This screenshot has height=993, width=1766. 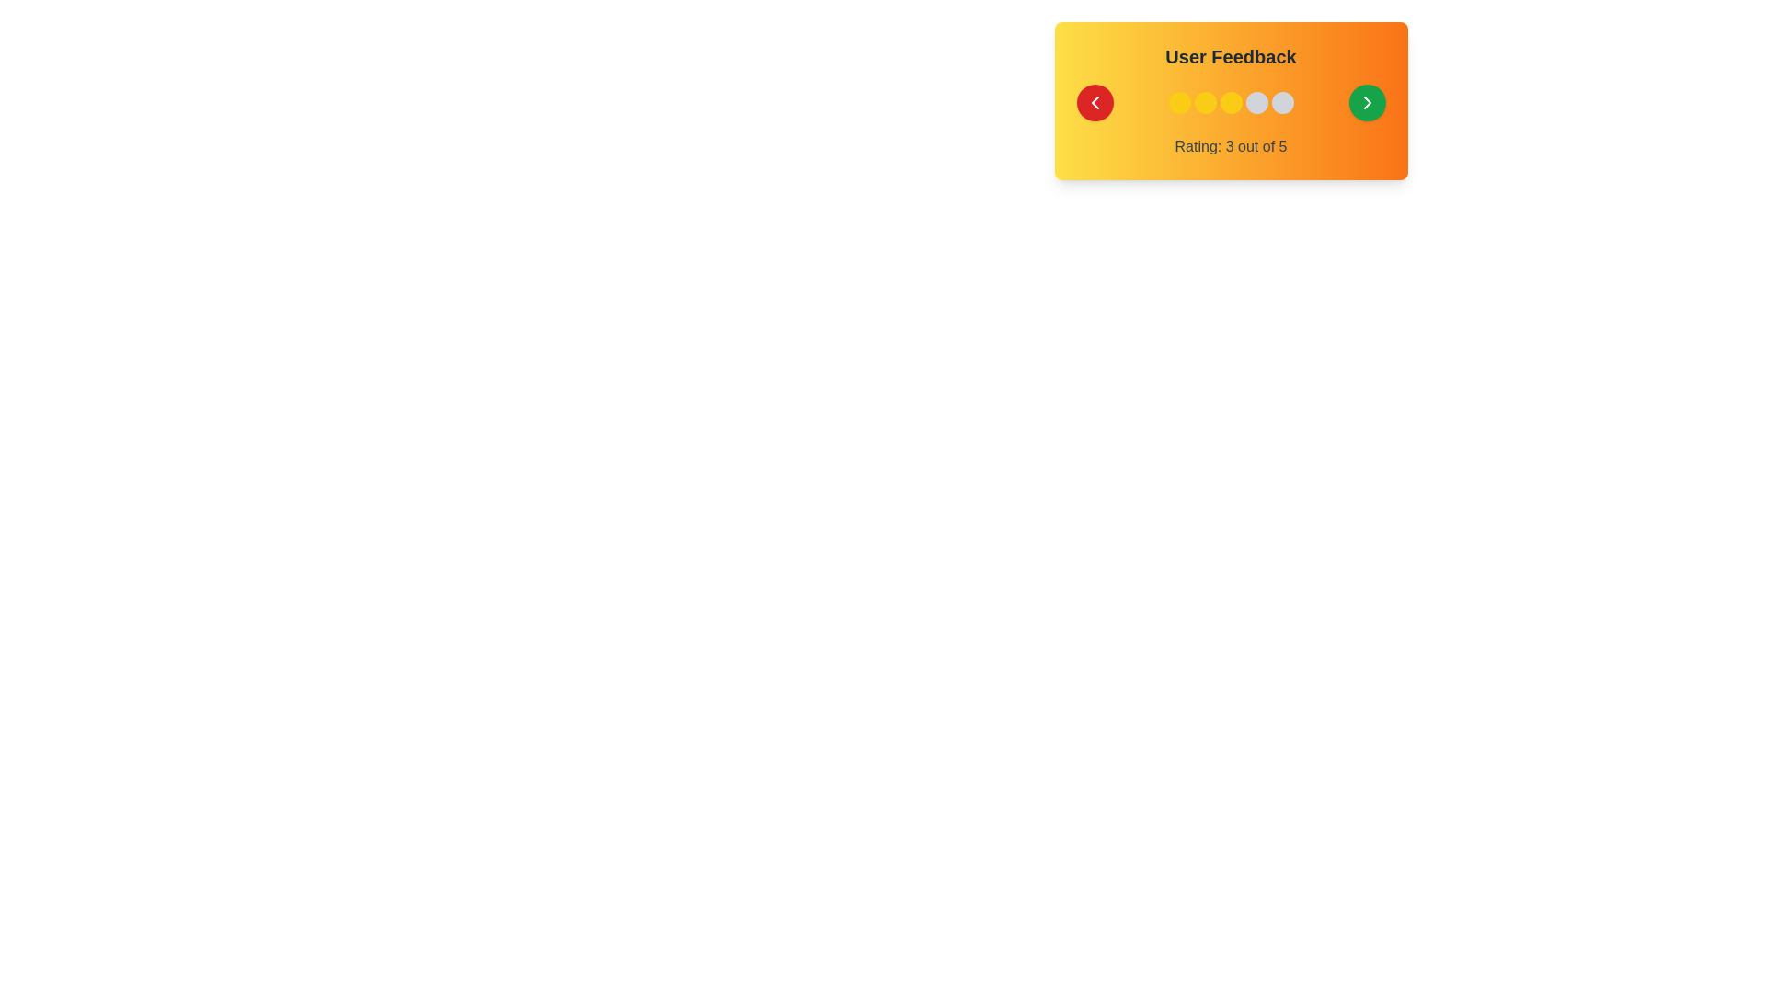 I want to click on the circular button with a red background and a white left-pointing chevron, so click(x=1095, y=102).